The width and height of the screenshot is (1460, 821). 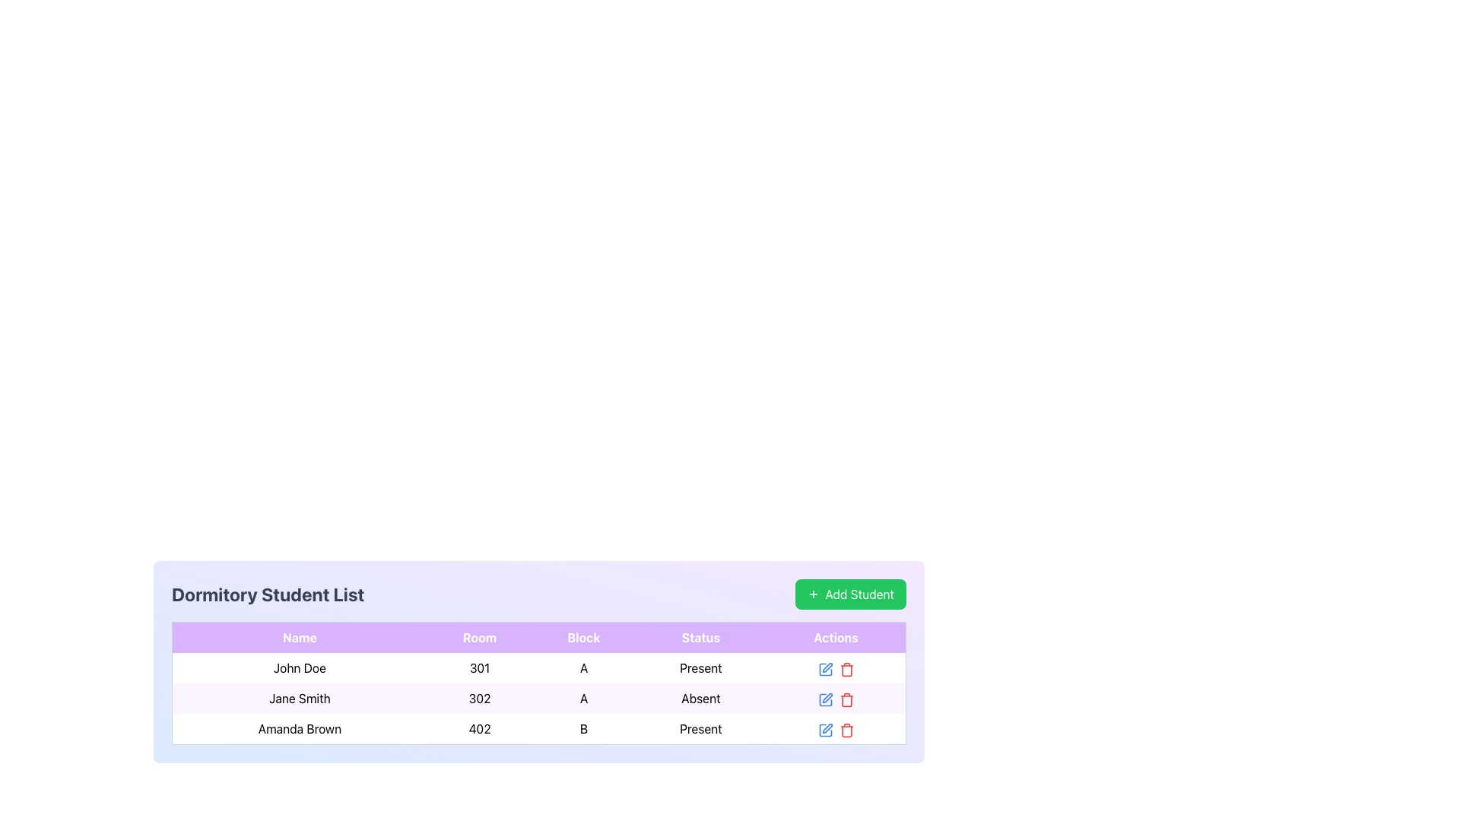 What do you see at coordinates (846, 667) in the screenshot?
I see `the delete button in the 'Actions' column of the table for the last row labeled 'Amanda Brown'` at bounding box center [846, 667].